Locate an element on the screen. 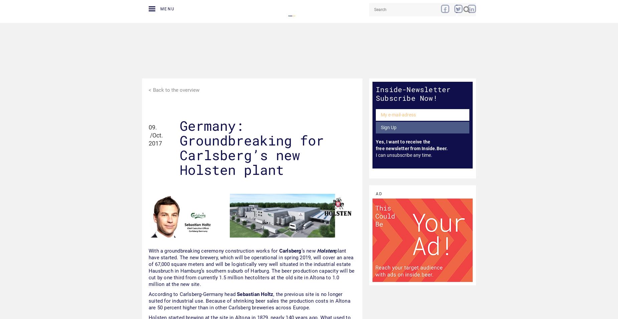 Image resolution: width=618 pixels, height=319 pixels. 'Inside-Newsletter' is located at coordinates (413, 89).